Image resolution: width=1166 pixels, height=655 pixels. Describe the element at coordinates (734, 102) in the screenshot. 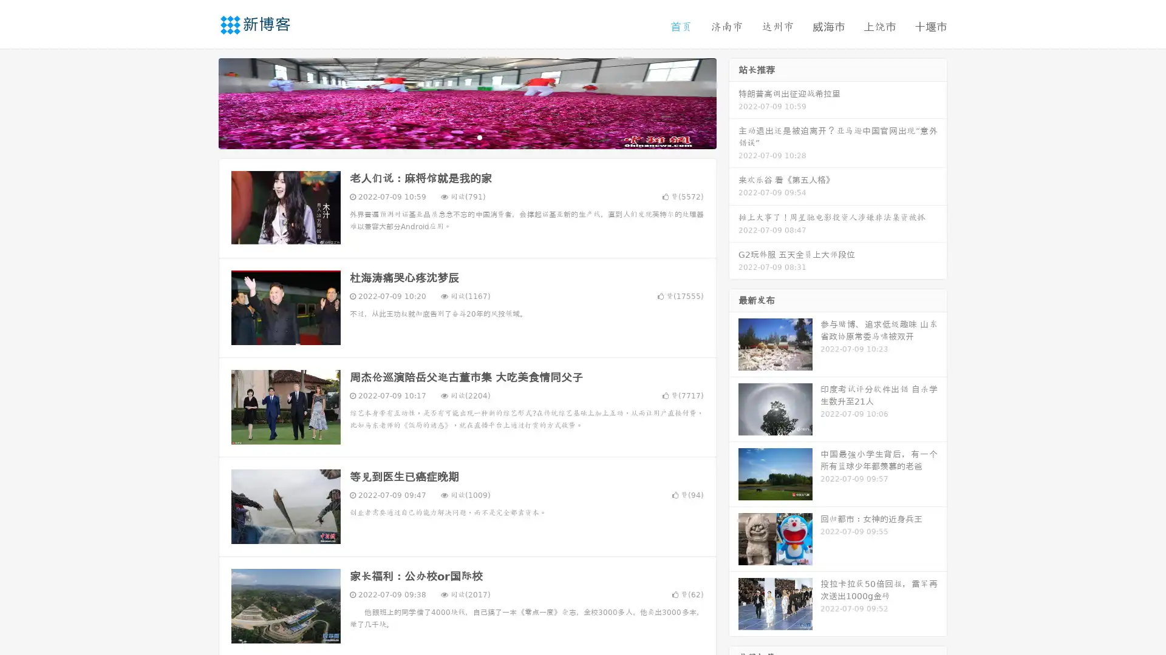

I see `Next slide` at that location.